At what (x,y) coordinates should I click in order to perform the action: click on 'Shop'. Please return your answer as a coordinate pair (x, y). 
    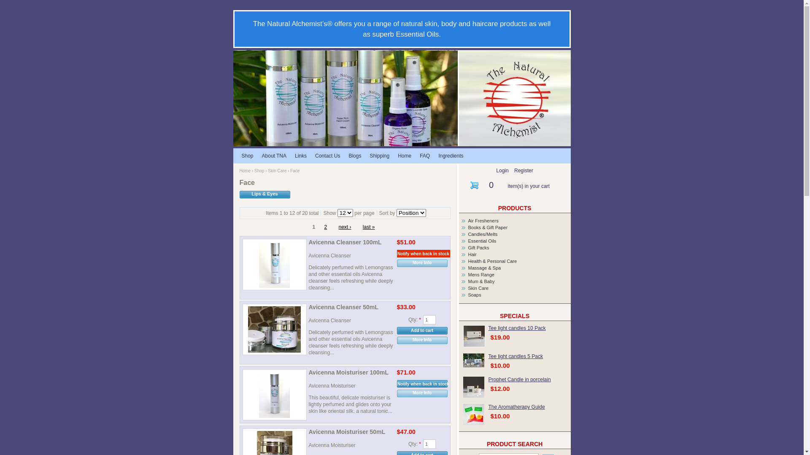
    Looking at the image, I should click on (246, 155).